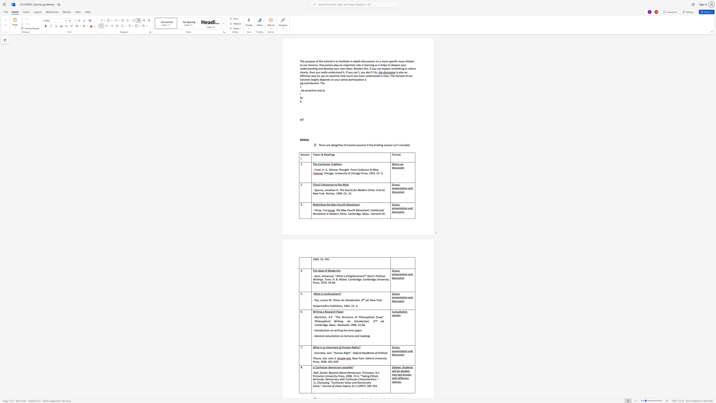  I want to click on the subset text "ch P" within the text "a Research Paper", so click(333, 311).